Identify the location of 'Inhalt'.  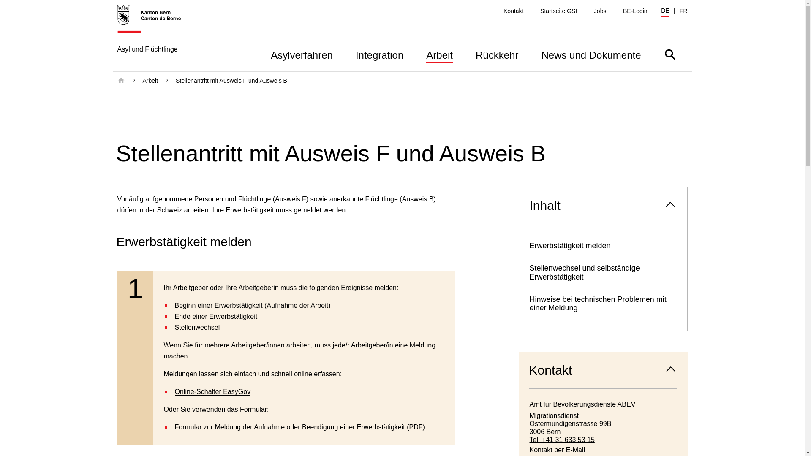
(602, 205).